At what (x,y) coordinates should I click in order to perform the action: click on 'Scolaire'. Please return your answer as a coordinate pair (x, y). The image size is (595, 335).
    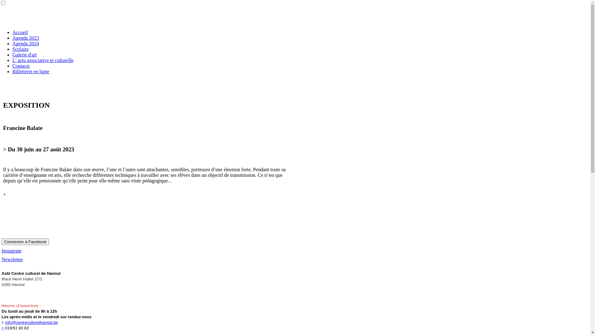
    Looking at the image, I should click on (12, 49).